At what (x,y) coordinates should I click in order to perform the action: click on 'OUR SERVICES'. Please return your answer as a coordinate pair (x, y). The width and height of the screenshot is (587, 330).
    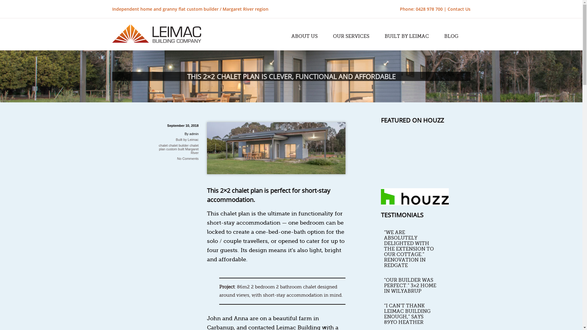
    Looking at the image, I should click on (329, 36).